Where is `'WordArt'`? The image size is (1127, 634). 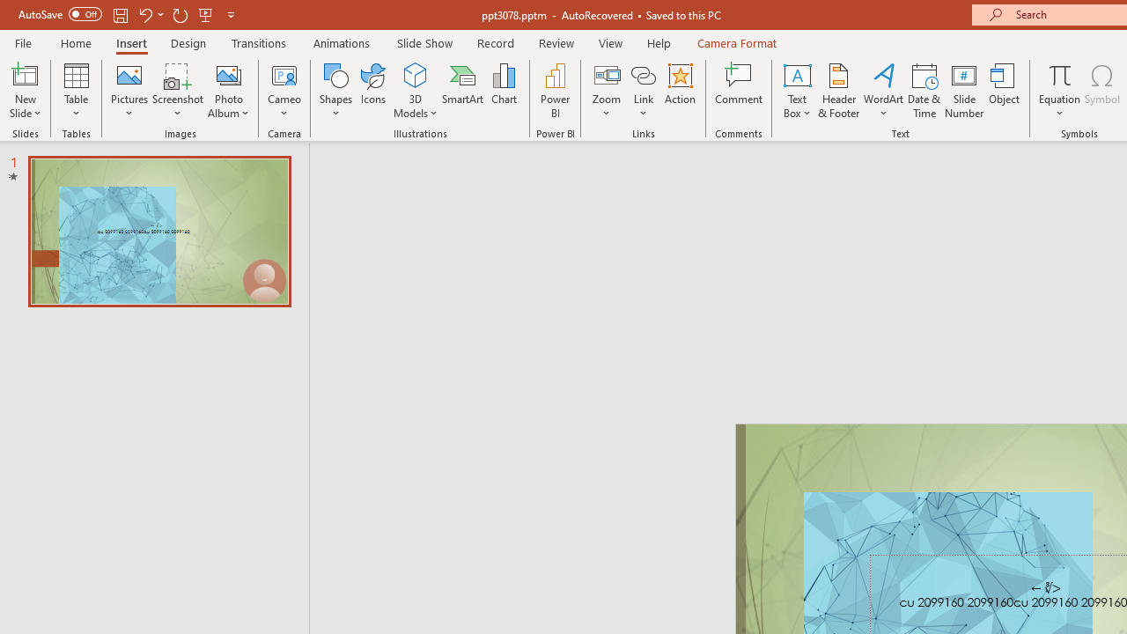
'WordArt' is located at coordinates (884, 91).